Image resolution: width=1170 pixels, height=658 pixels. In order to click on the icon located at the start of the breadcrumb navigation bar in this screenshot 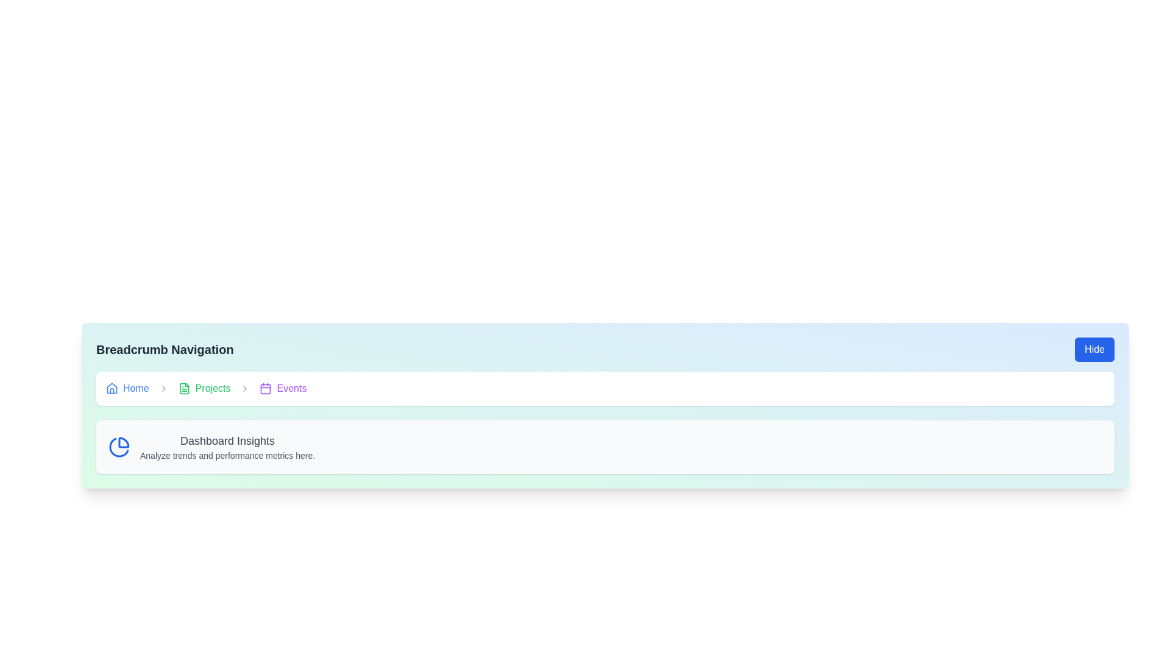, I will do `click(112, 388)`.